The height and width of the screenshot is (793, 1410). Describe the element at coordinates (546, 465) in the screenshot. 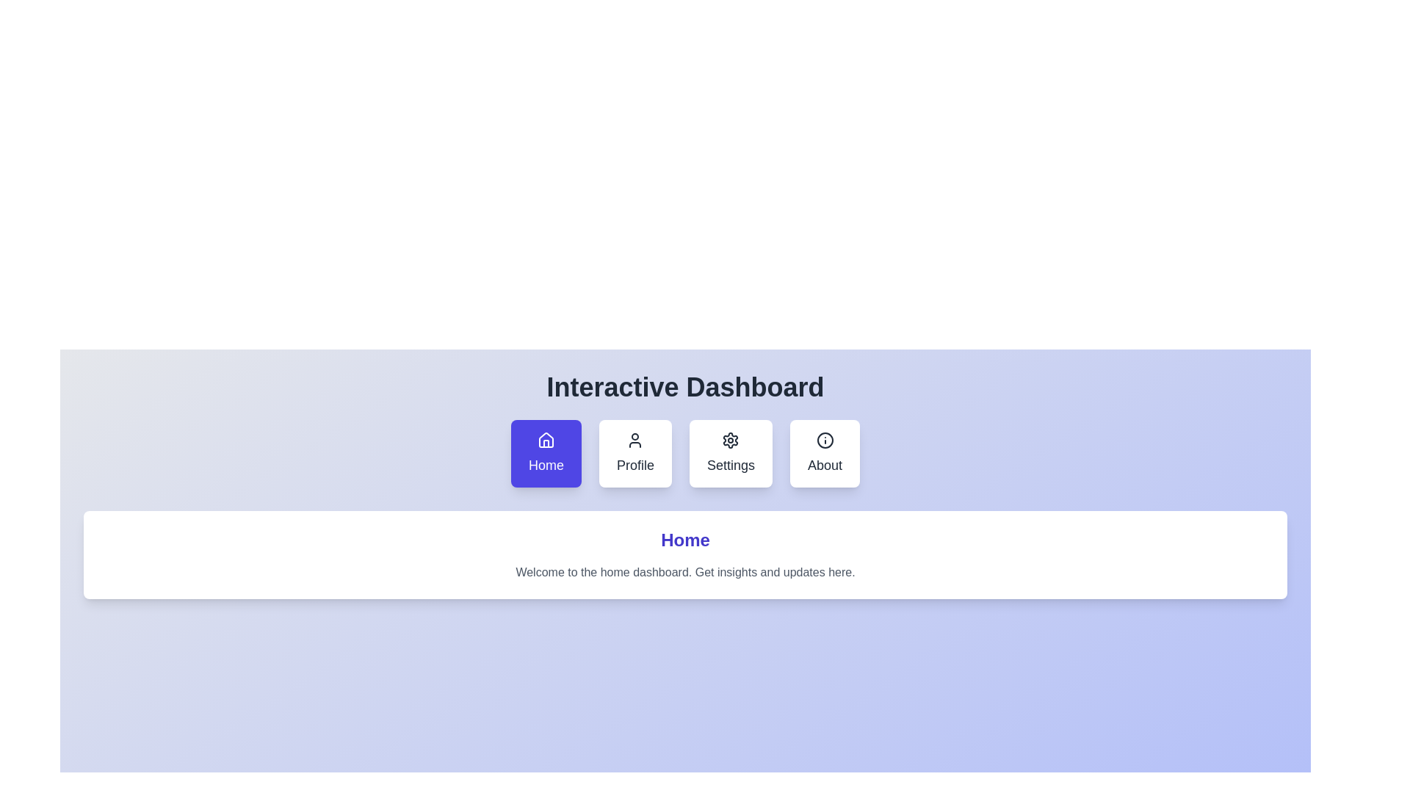

I see `the static text label for the 'Home' card located at the bottom center of the blue button card in the top horizontal menu of the dashboard interface` at that location.